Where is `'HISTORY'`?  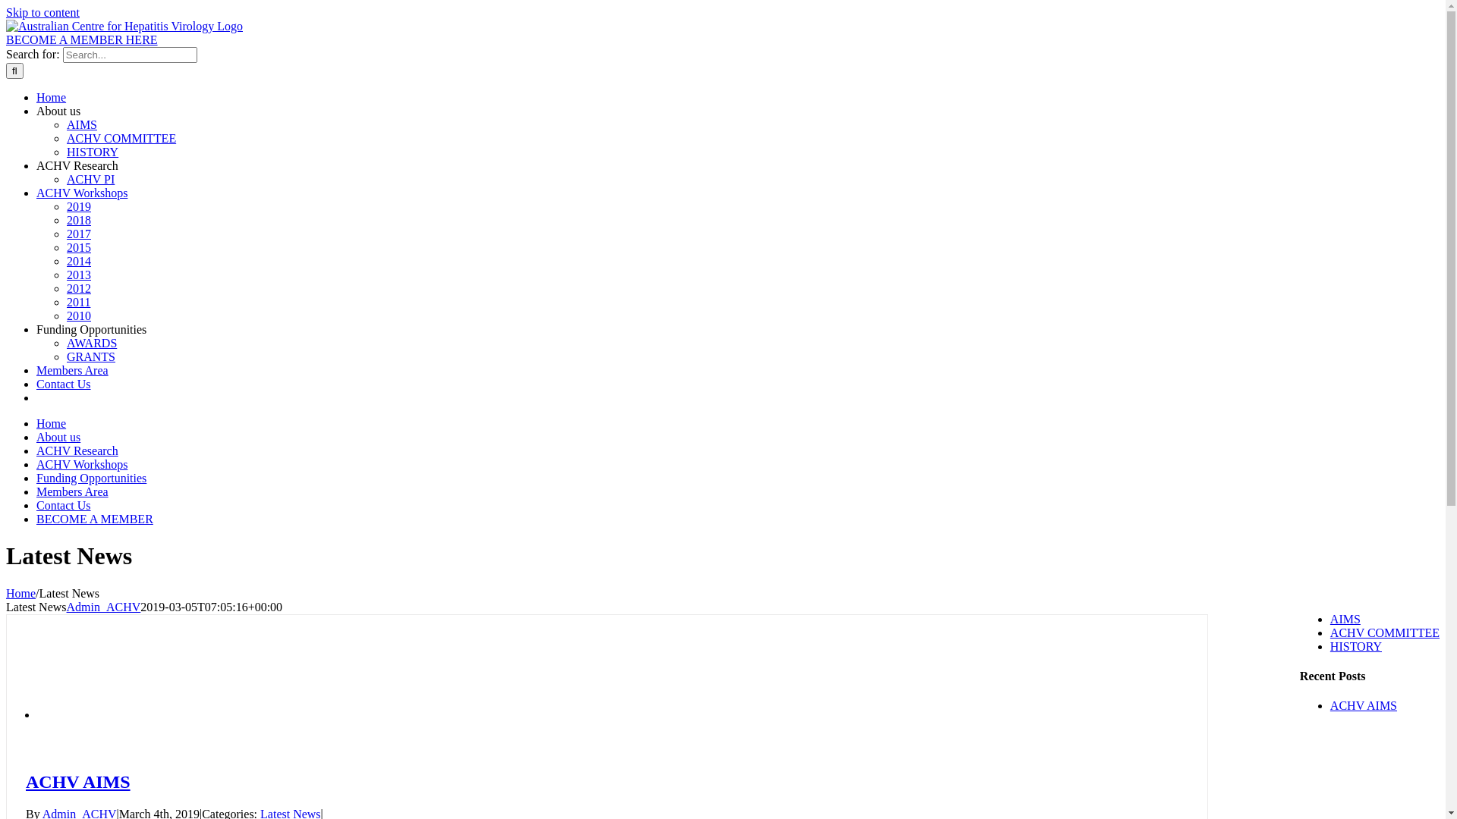
'HISTORY' is located at coordinates (1355, 646).